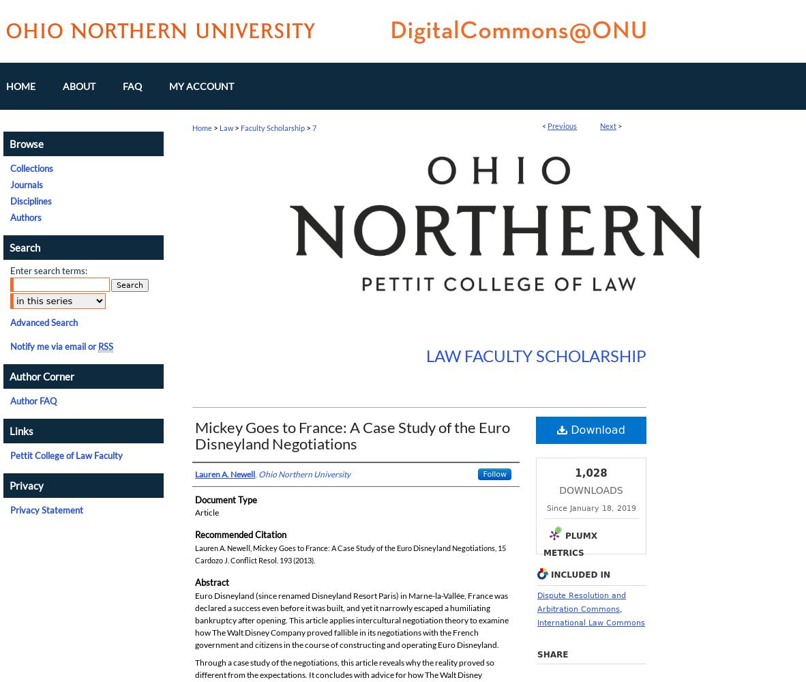  Describe the element at coordinates (211, 582) in the screenshot. I see `'Abstract'` at that location.